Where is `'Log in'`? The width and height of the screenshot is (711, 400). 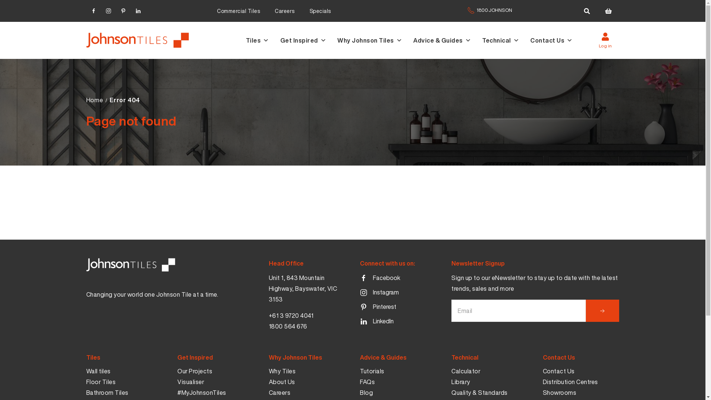
'Log in' is located at coordinates (605, 40).